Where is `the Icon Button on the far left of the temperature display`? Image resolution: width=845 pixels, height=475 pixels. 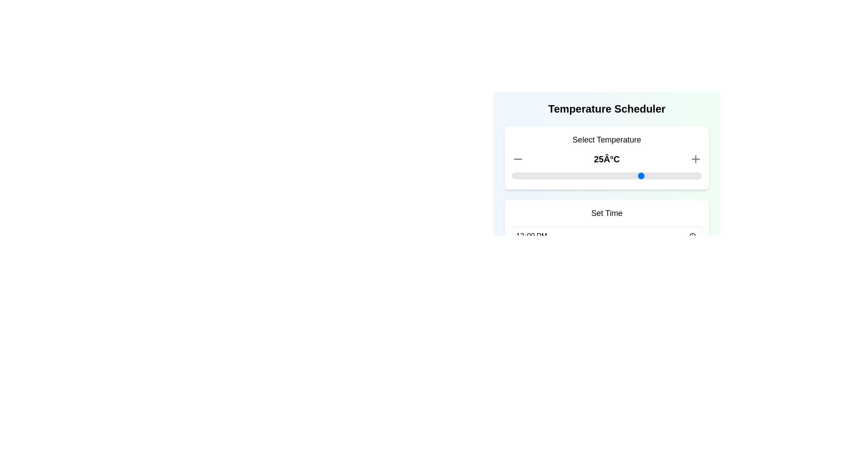
the Icon Button on the far left of the temperature display is located at coordinates (518, 159).